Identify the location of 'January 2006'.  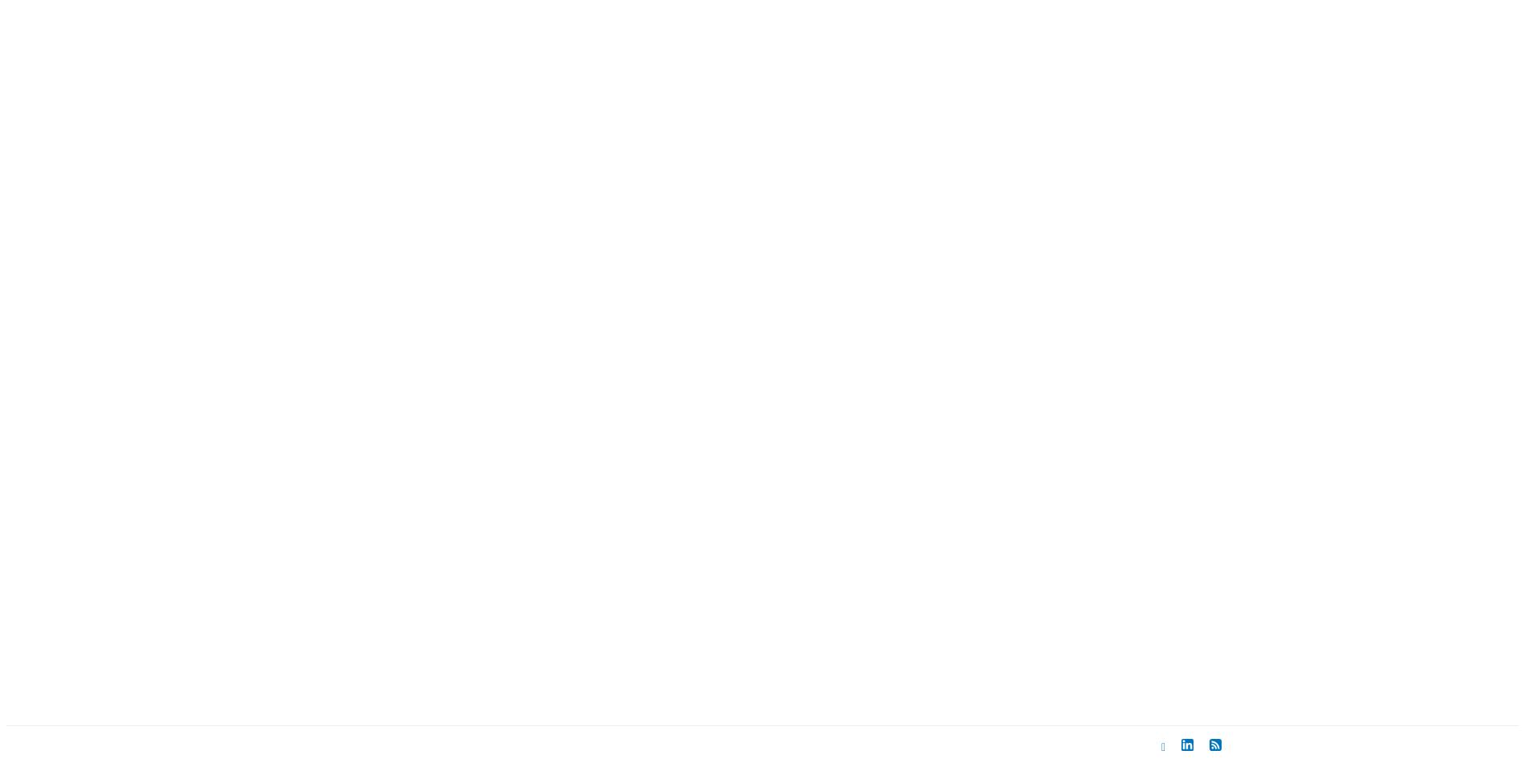
(966, 442).